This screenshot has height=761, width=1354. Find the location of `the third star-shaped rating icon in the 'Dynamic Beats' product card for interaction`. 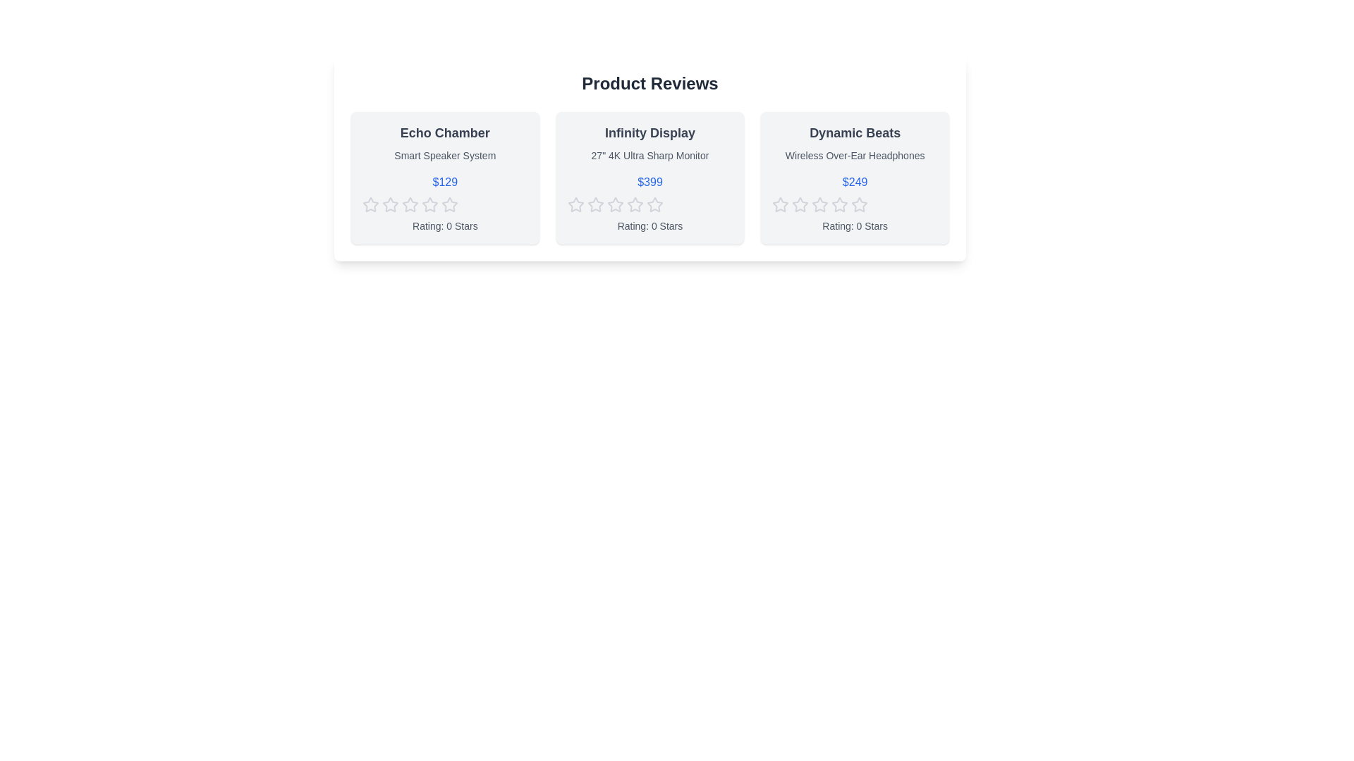

the third star-shaped rating icon in the 'Dynamic Beats' product card for interaction is located at coordinates (820, 204).